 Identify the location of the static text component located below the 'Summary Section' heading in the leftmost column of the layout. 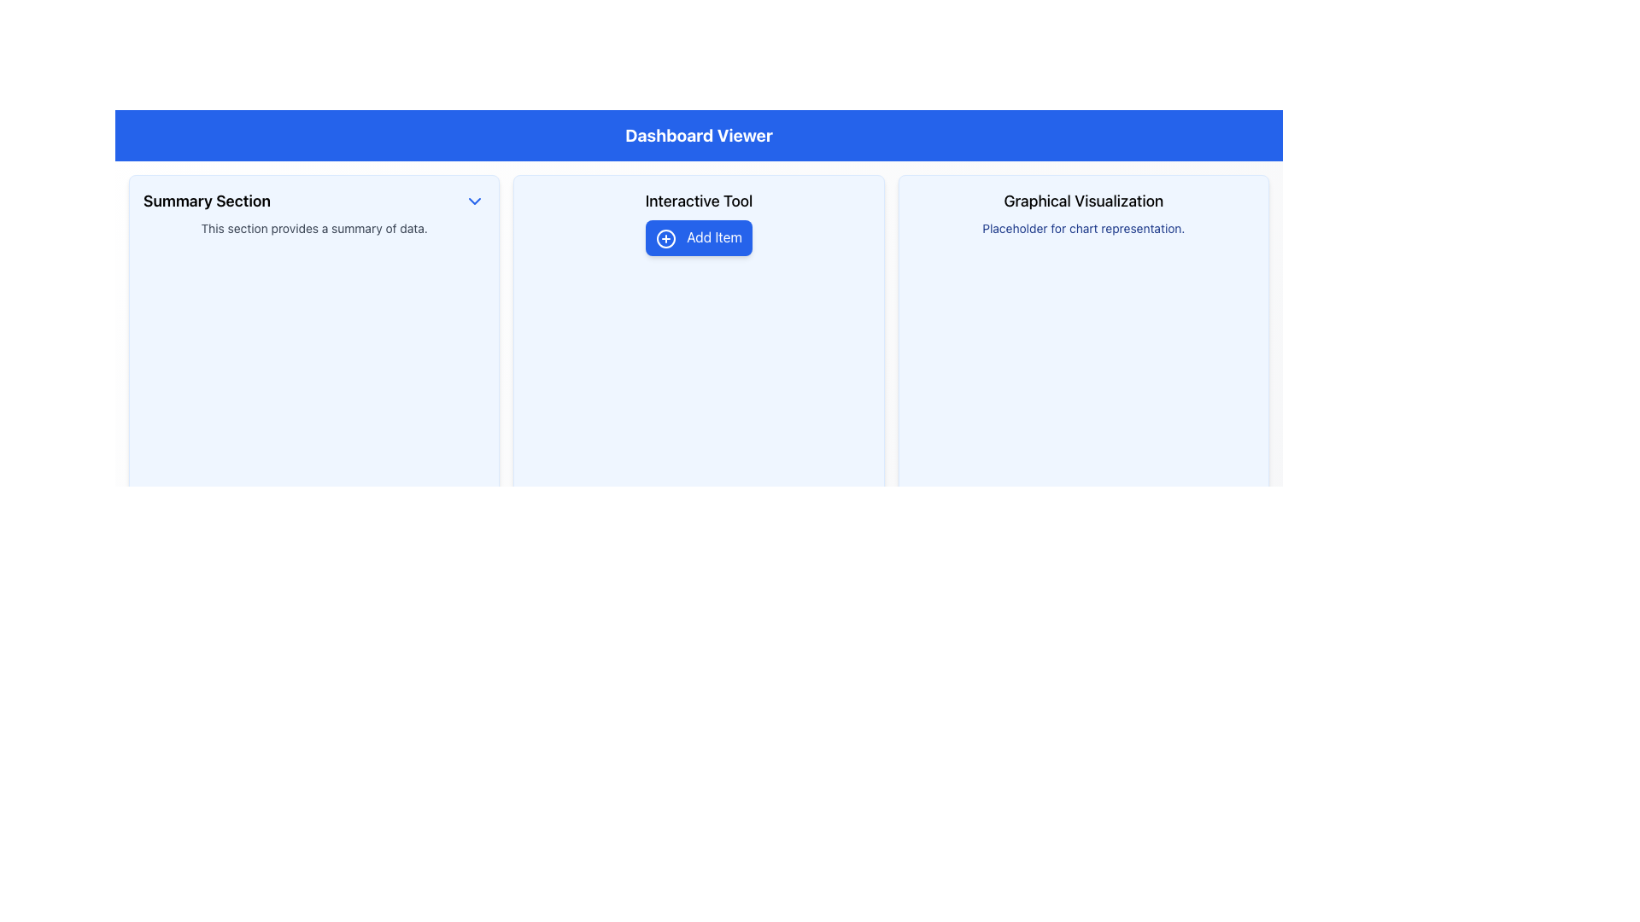
(314, 227).